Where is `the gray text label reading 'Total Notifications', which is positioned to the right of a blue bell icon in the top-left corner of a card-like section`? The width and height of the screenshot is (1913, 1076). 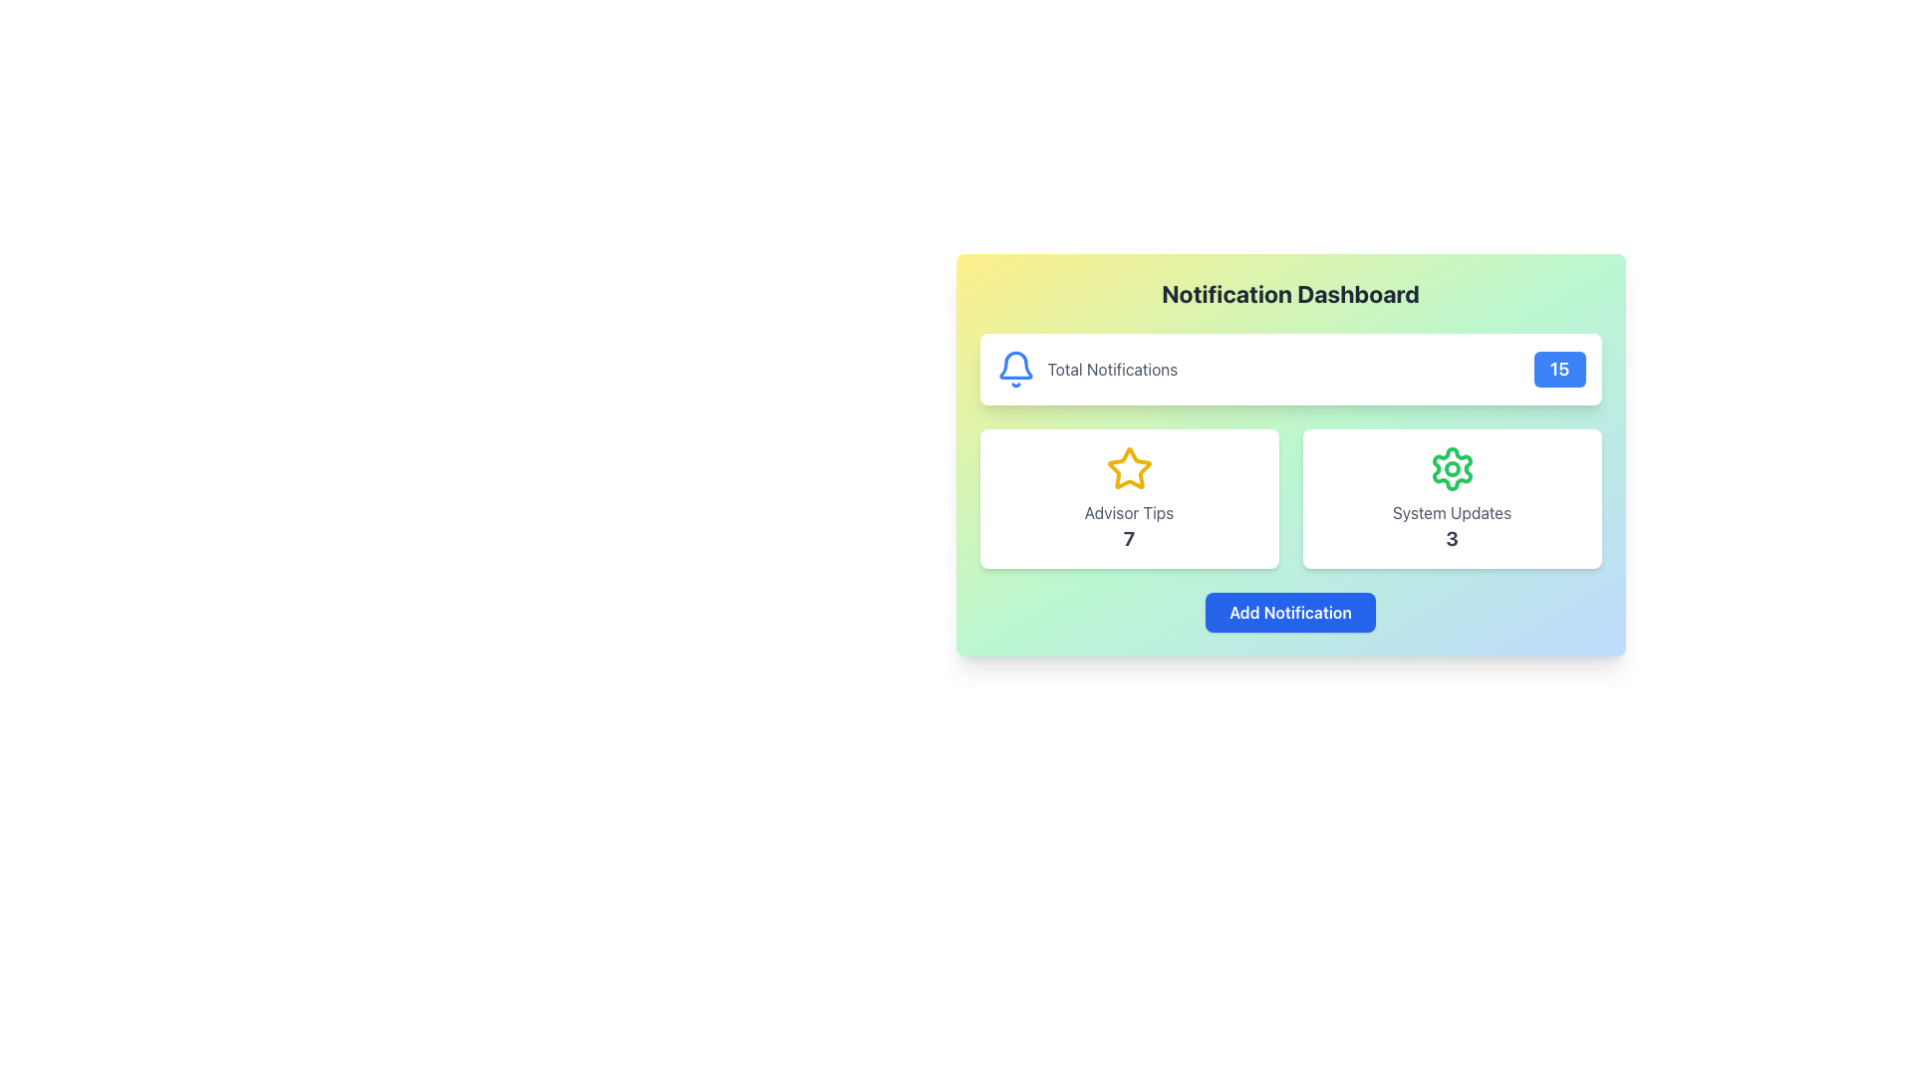 the gray text label reading 'Total Notifications', which is positioned to the right of a blue bell icon in the top-left corner of a card-like section is located at coordinates (1111, 369).